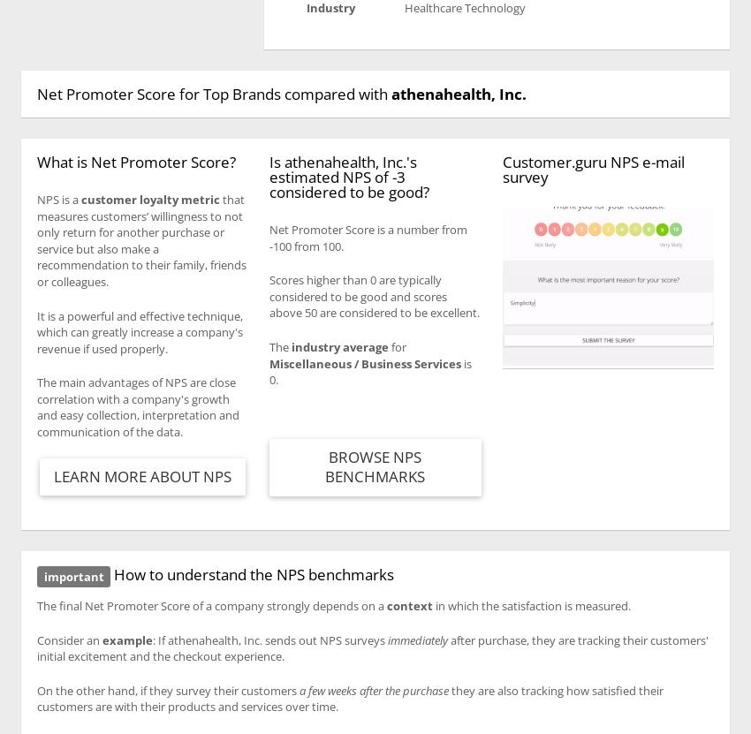 This screenshot has height=734, width=751. Describe the element at coordinates (35, 161) in the screenshot. I see `'What is Net Promoter Score?'` at that location.